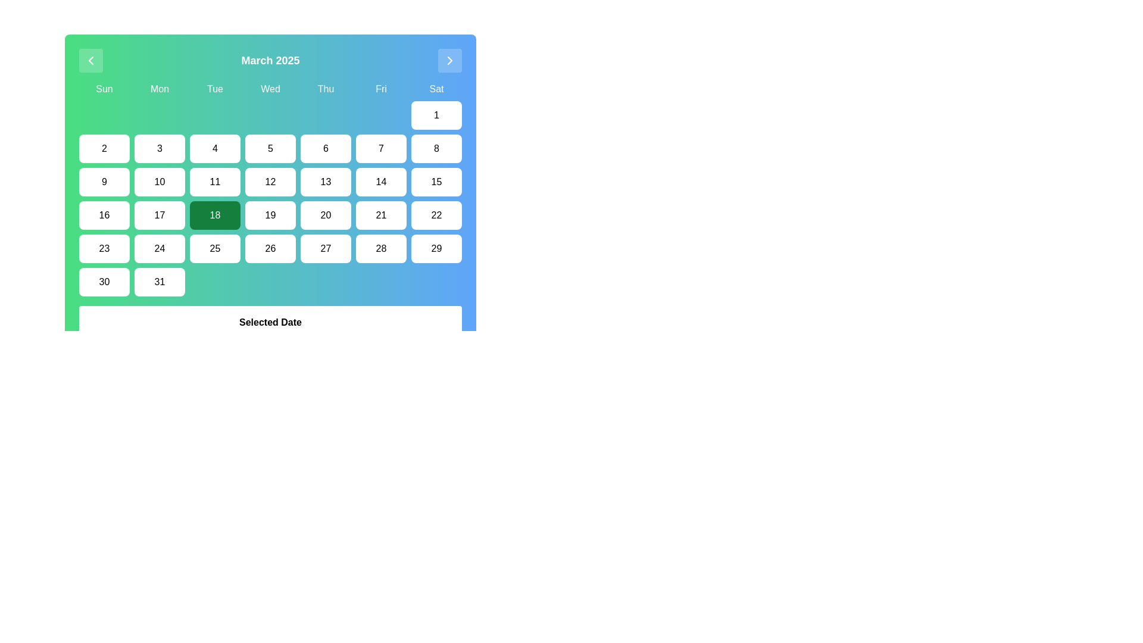  What do you see at coordinates (436, 89) in the screenshot?
I see `the text label displaying 'Sat', which is the seventh weekday abbreviation in the top row of the calendar grid, located at the top-right corner` at bounding box center [436, 89].